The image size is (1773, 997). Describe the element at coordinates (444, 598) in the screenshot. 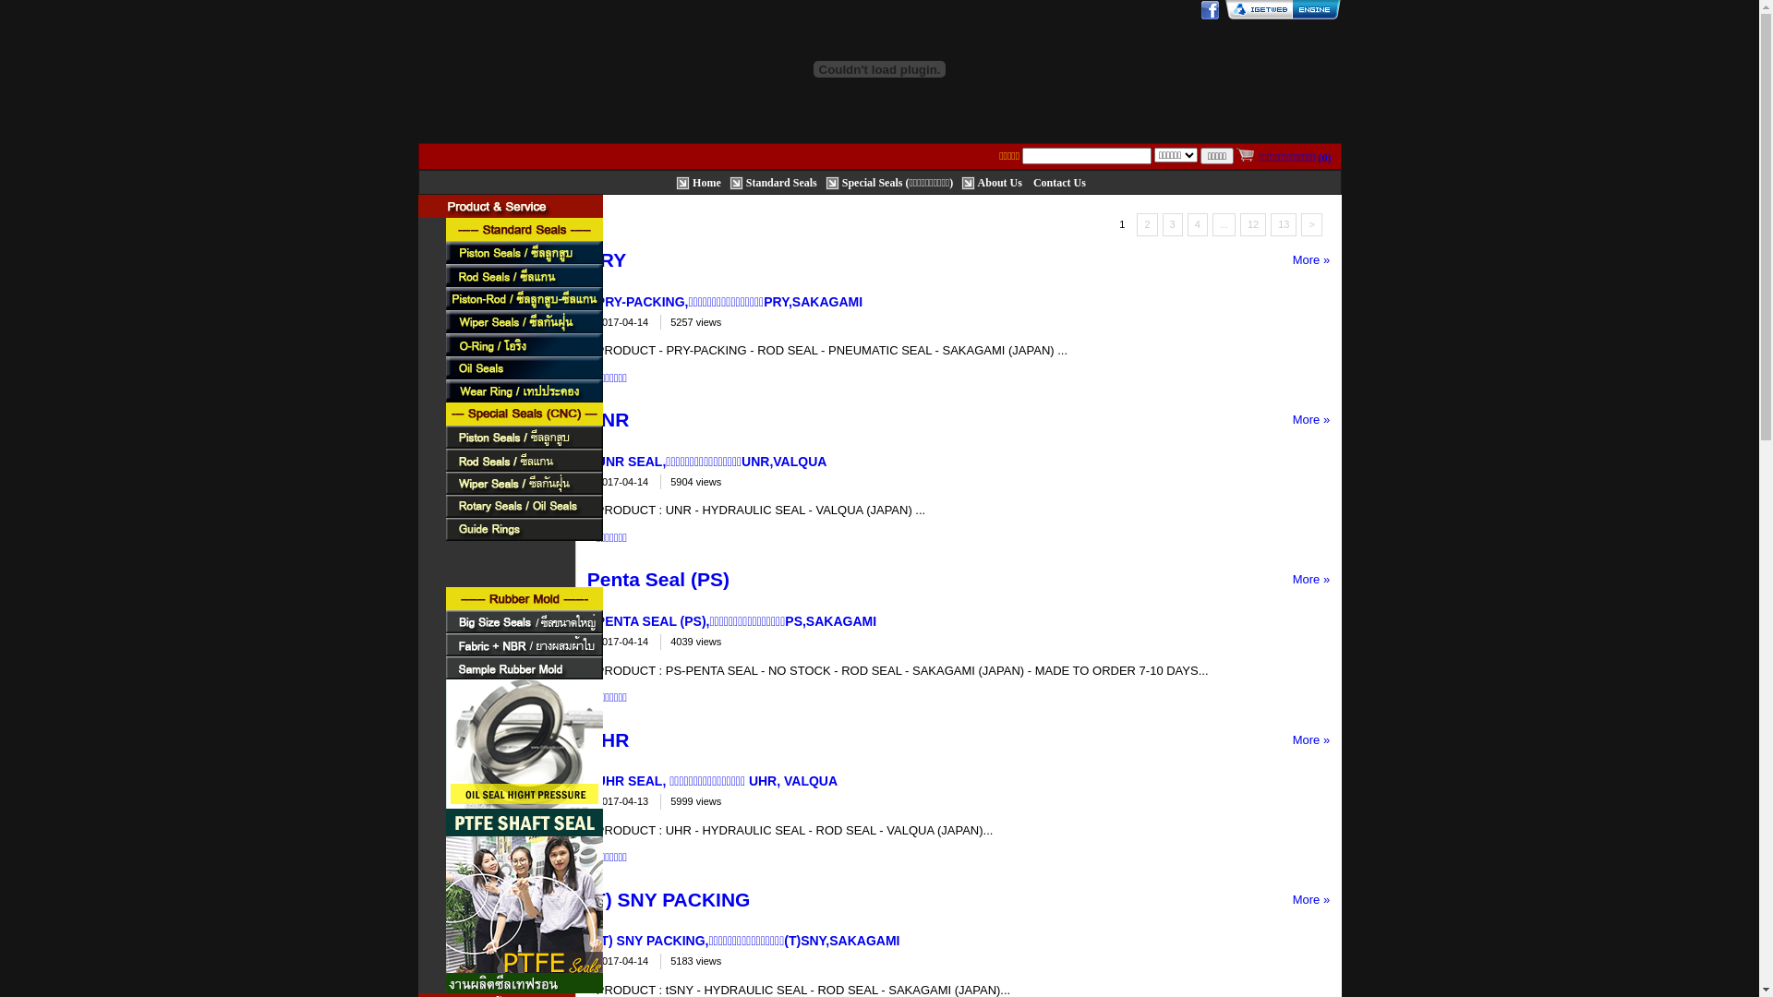

I see `'Rubber Mold'` at that location.